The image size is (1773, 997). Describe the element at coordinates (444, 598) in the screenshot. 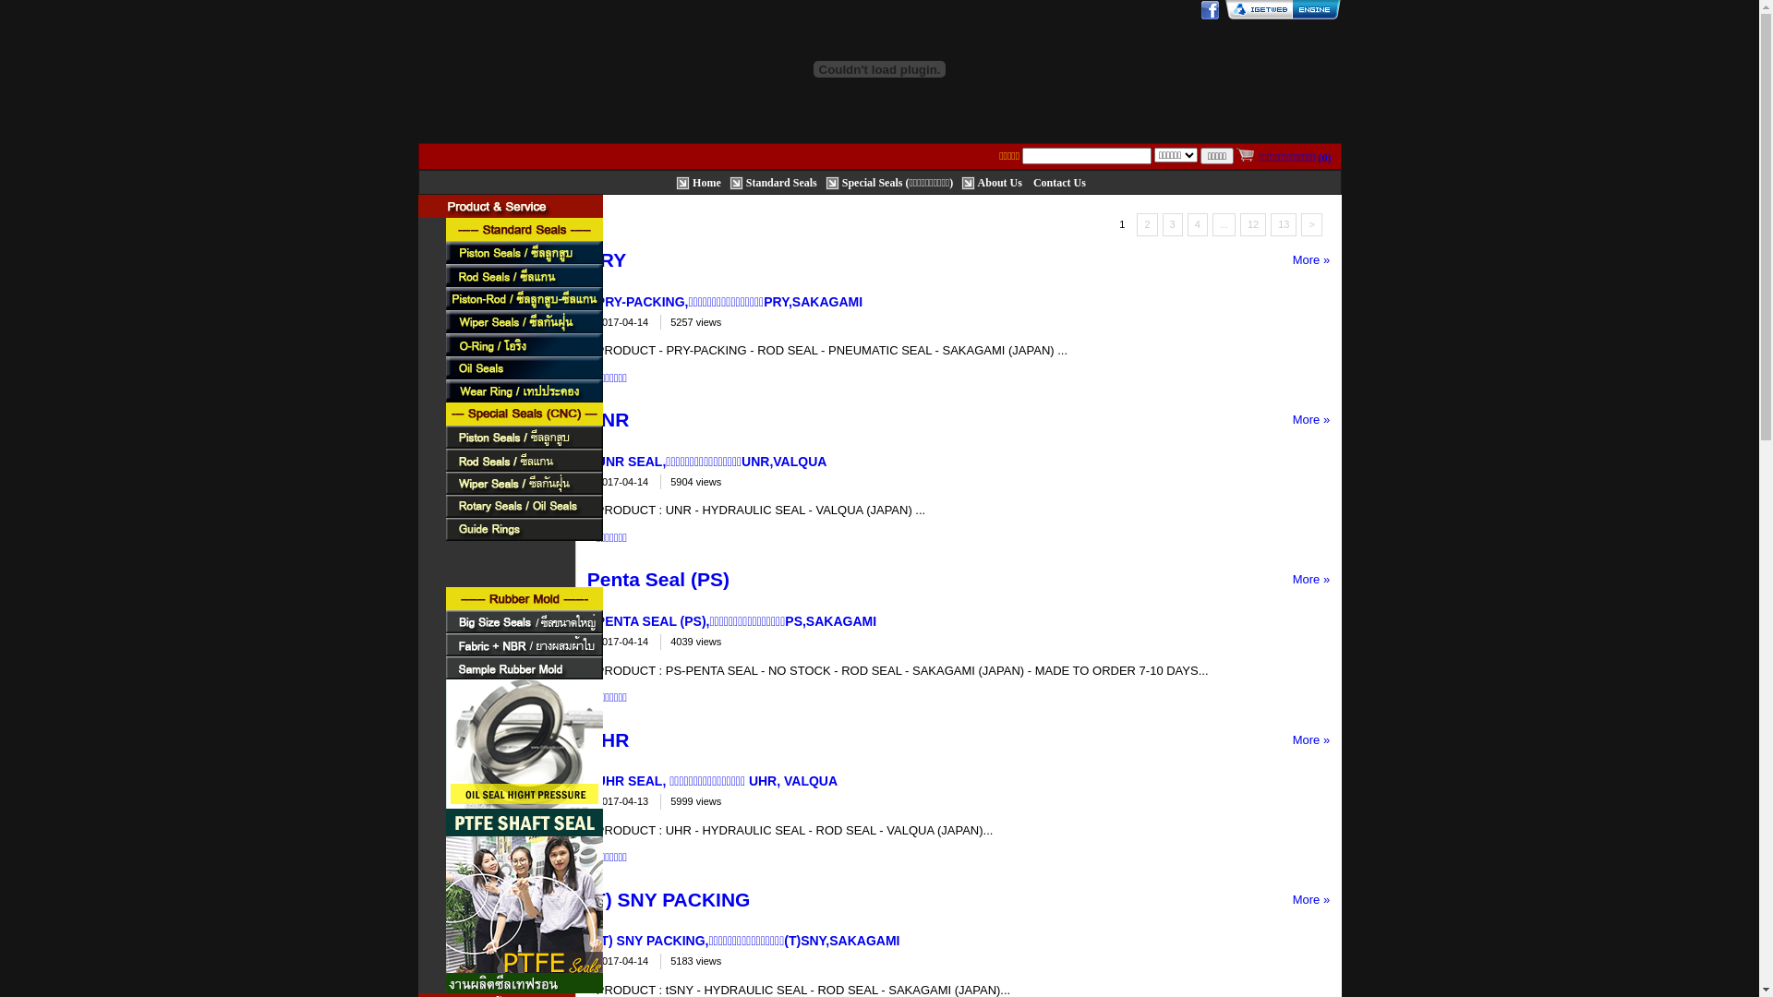

I see `'Rubber Mold'` at that location.